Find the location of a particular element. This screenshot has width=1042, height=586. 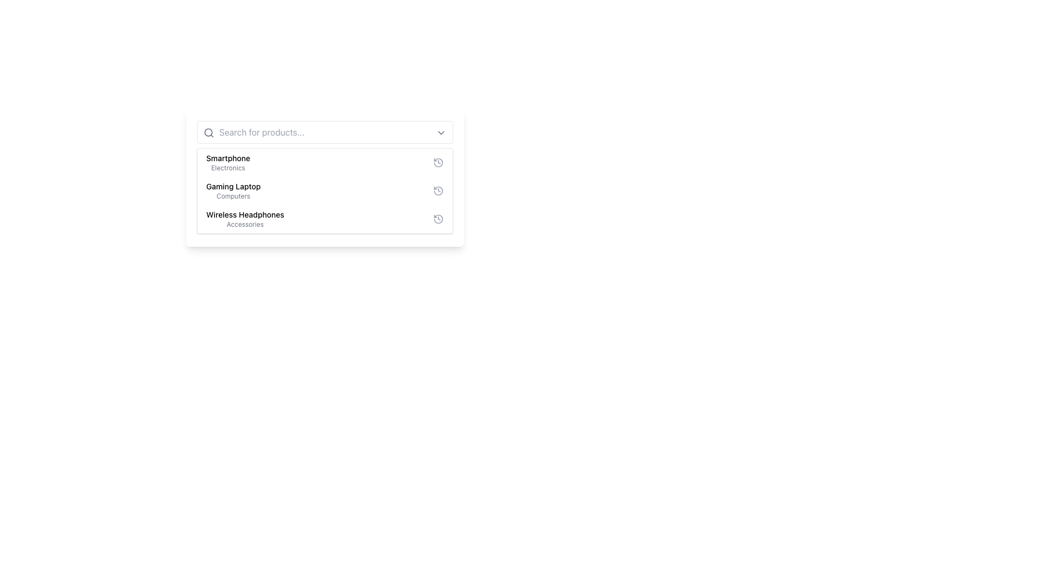

the History Icon, which is represented as an outlined circle with directional arrows inside, located at the rightmost side of the list item labeled 'Smartphone - Electronics' in a dropdown list layout is located at coordinates (438, 163).